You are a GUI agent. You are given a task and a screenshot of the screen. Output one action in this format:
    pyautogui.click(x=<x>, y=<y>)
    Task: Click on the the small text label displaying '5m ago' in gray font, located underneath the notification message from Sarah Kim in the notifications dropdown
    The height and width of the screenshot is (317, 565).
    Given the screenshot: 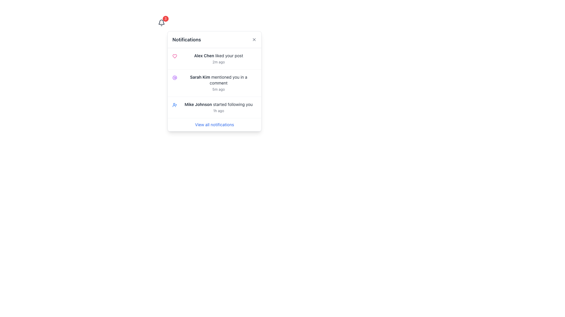 What is the action you would take?
    pyautogui.click(x=218, y=89)
    